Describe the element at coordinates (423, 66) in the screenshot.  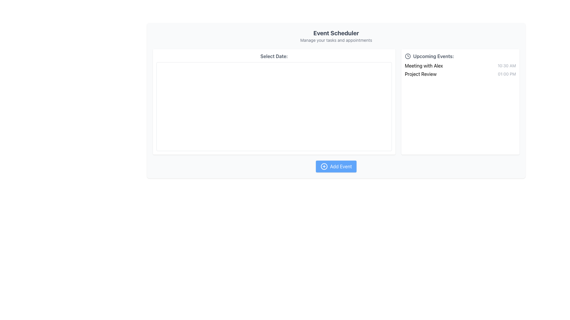
I see `the text label reading 'Meeting with Alex' styled in black font, located under the 'Upcoming Events' section, as a reference for interacting with related components` at that location.